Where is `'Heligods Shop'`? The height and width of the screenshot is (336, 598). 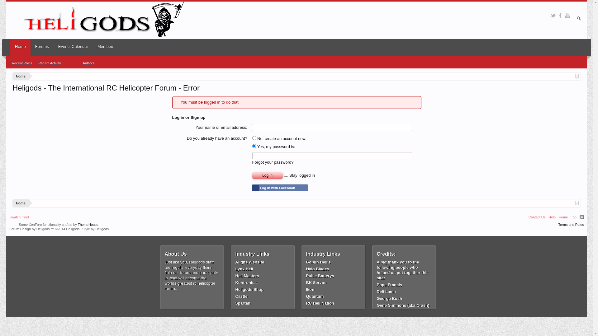
'Heligods Shop' is located at coordinates (235, 289).